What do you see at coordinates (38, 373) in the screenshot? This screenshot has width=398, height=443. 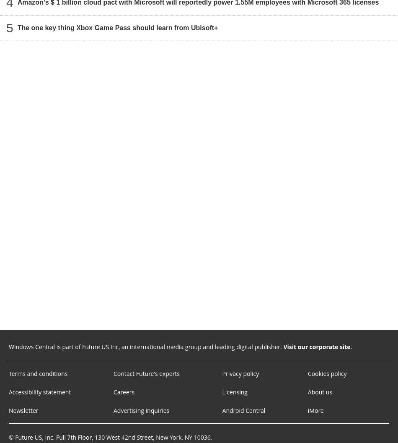 I see `'Terms and conditions'` at bounding box center [38, 373].